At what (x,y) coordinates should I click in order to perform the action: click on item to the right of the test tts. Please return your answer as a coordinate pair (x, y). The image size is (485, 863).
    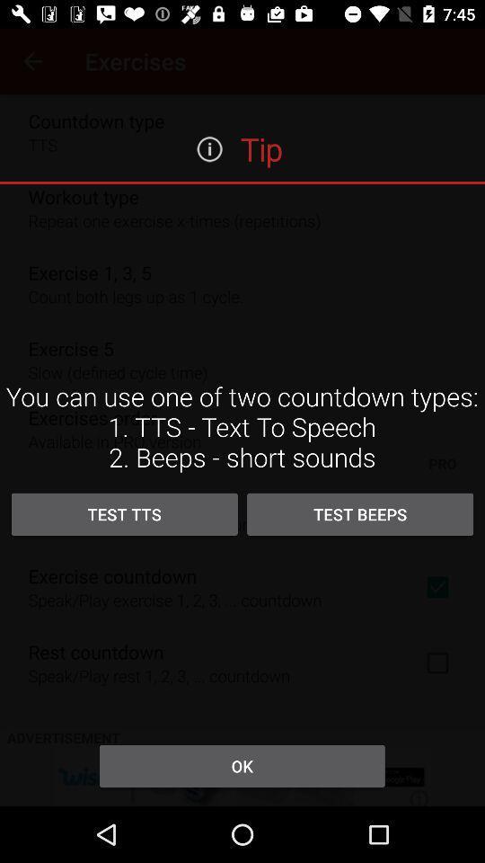
    Looking at the image, I should click on (360, 514).